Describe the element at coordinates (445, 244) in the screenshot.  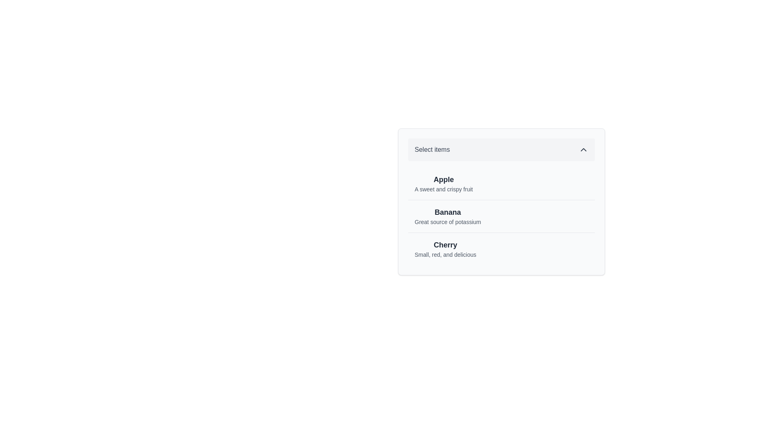
I see `the text label displaying 'Cherry', which is styled with bold and larger font, positioned above the description text and centered horizontally in the dropdown list panel` at that location.